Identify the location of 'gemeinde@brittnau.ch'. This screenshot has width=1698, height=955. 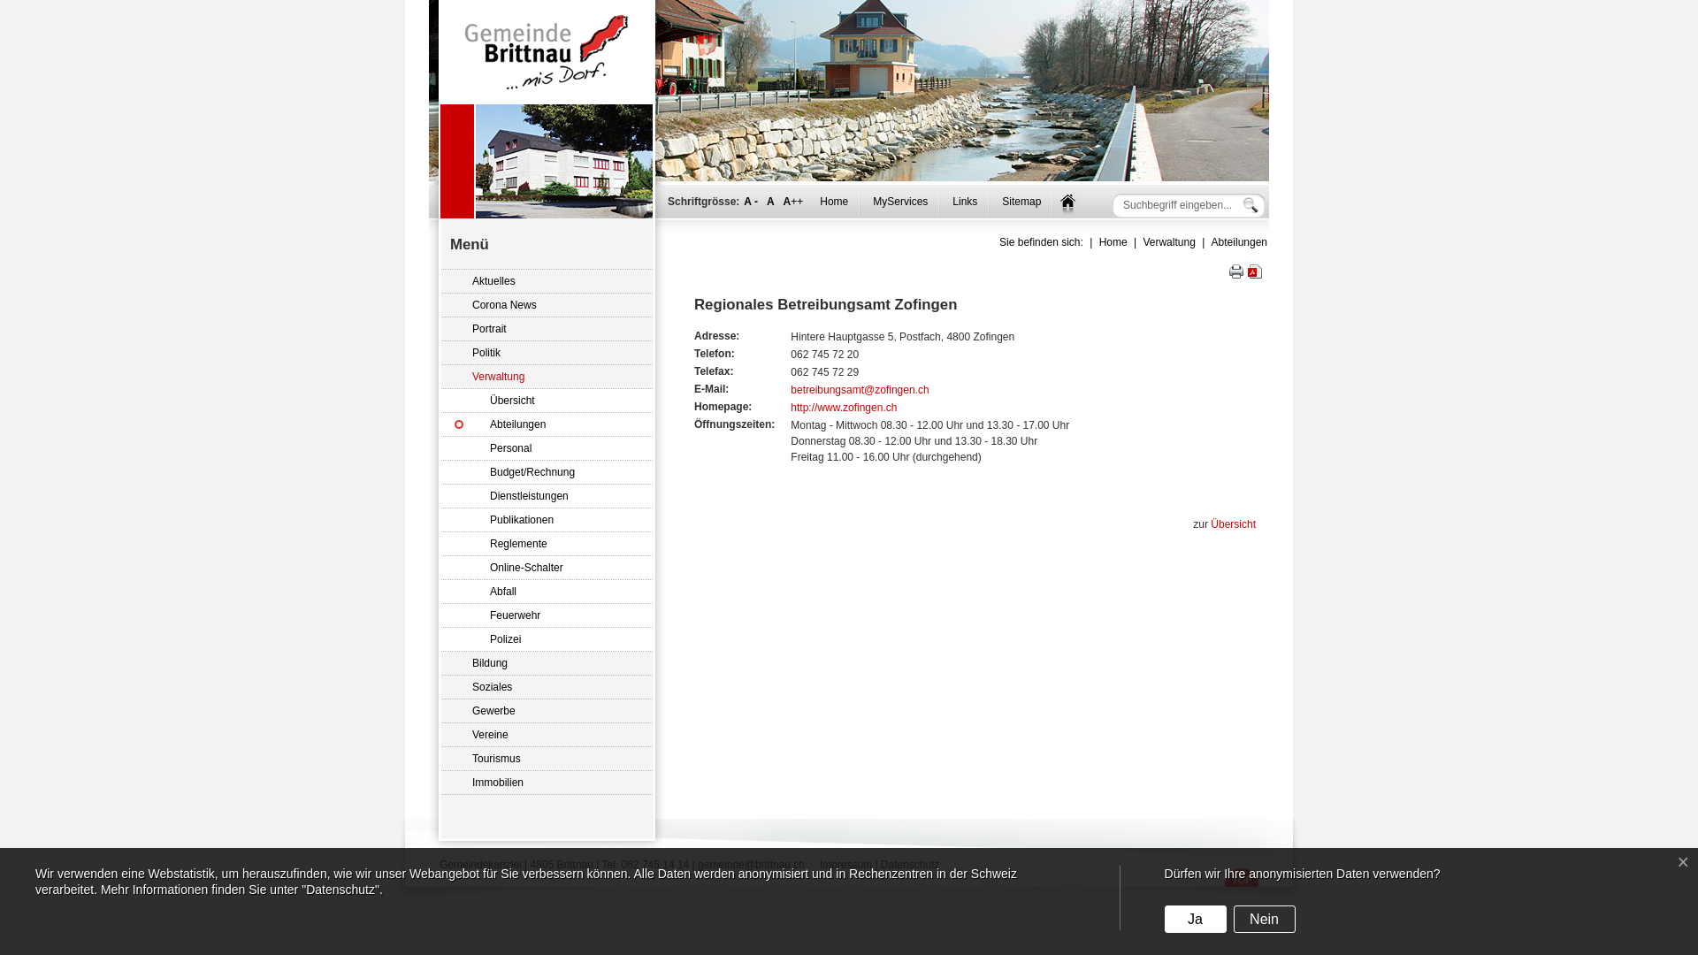
(751, 864).